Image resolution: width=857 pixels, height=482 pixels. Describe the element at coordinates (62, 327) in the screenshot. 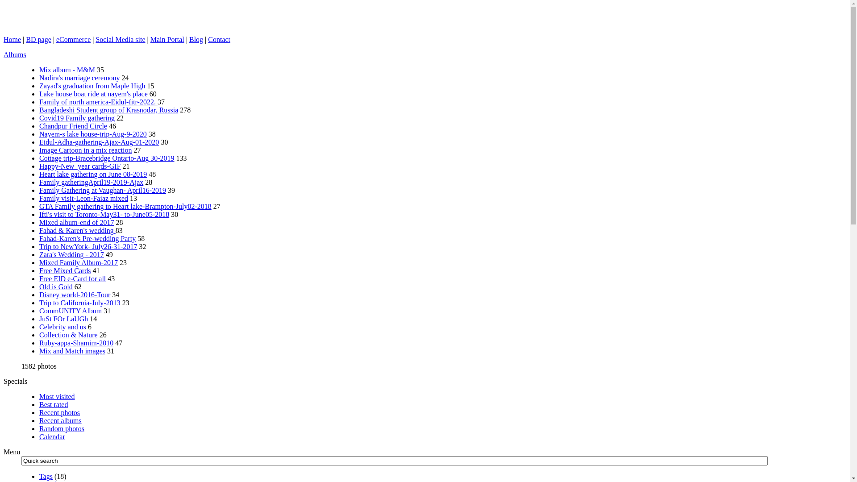

I see `'Celebrity and us'` at that location.